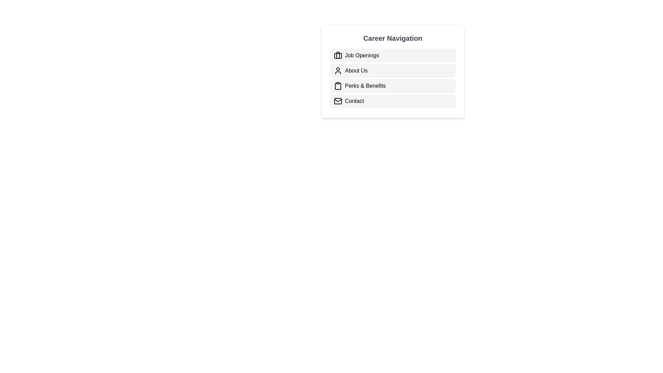 This screenshot has height=373, width=663. Describe the element at coordinates (393, 86) in the screenshot. I see `the 'Perks & Benefits' button, which is the third button in a vertical list of four buttons in the navigation menu` at that location.